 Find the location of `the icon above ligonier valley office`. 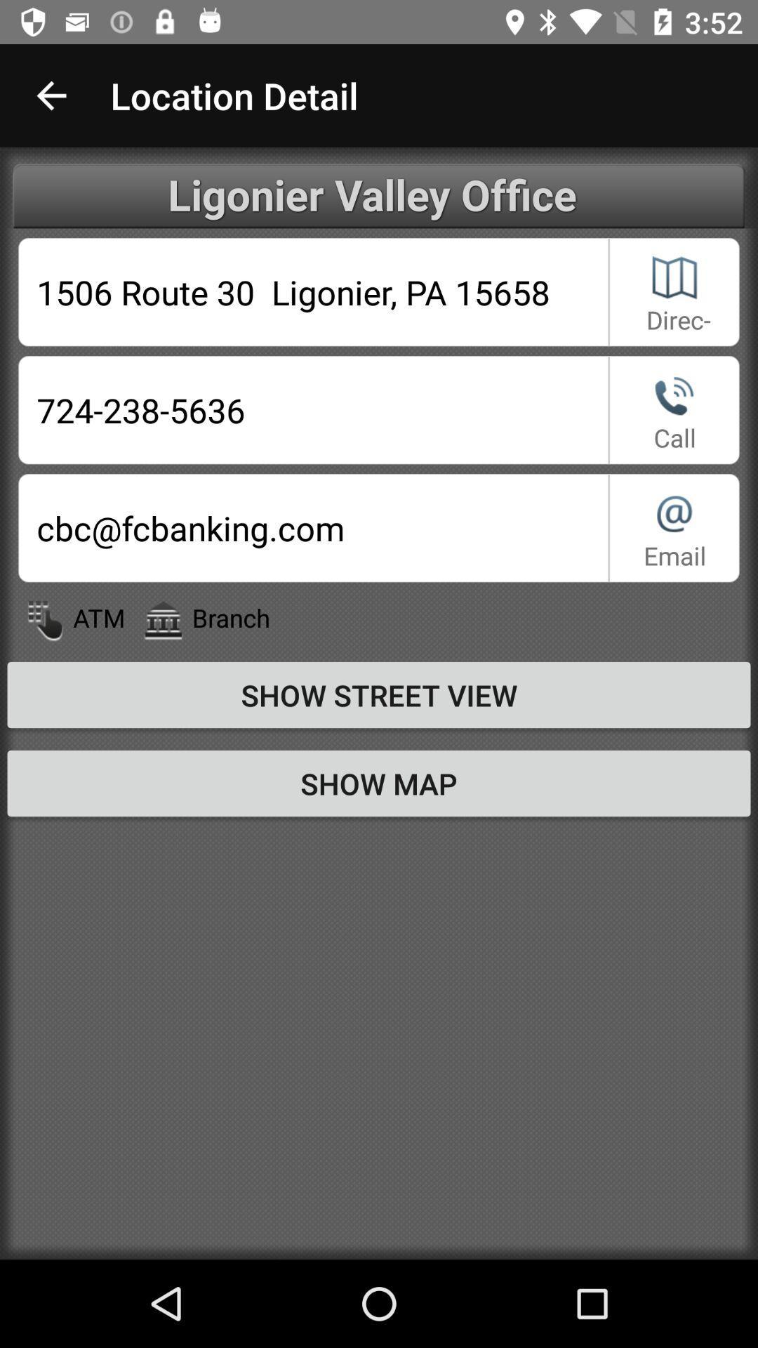

the icon above ligonier valley office is located at coordinates (51, 95).